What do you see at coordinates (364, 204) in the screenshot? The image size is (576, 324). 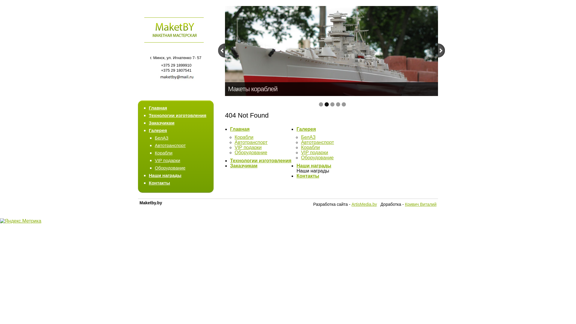 I see `'ArtisMedia.by'` at bounding box center [364, 204].